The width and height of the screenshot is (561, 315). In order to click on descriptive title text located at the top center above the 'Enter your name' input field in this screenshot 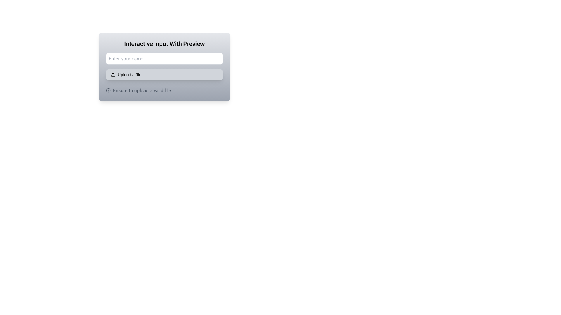, I will do `click(164, 43)`.